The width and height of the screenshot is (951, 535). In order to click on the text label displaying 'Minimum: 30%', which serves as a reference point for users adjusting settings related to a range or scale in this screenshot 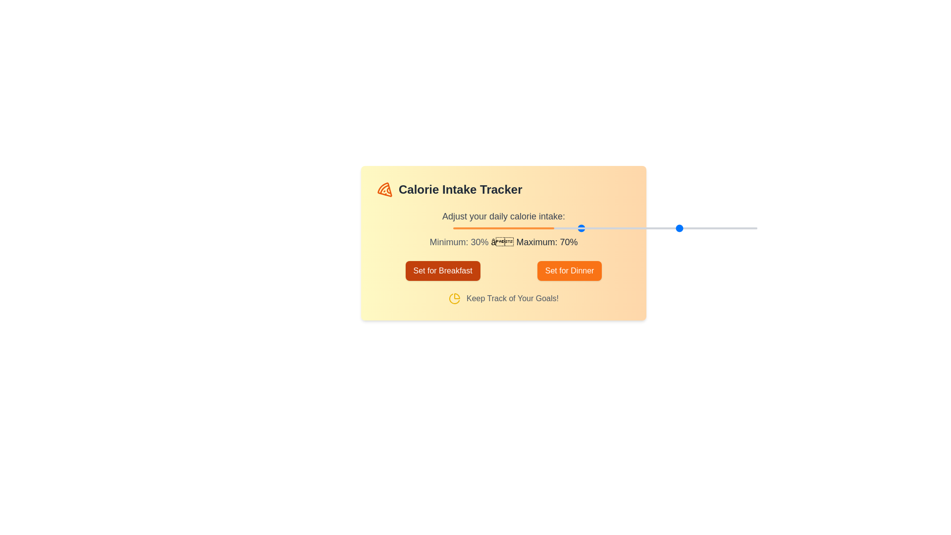, I will do `click(458, 242)`.